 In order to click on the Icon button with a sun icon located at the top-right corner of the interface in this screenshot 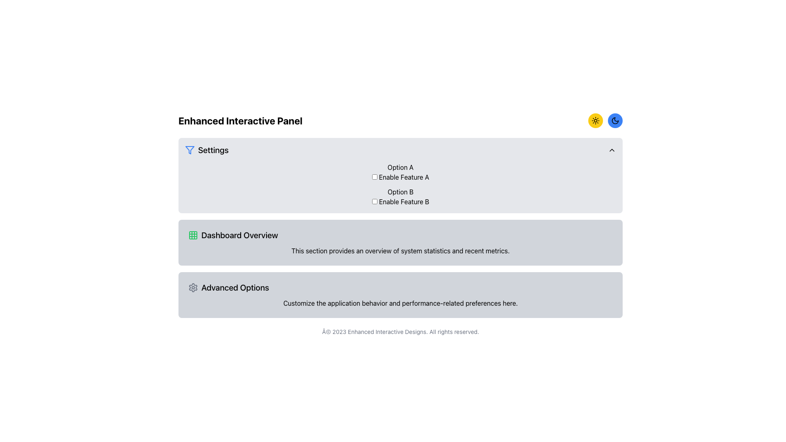, I will do `click(595, 120)`.